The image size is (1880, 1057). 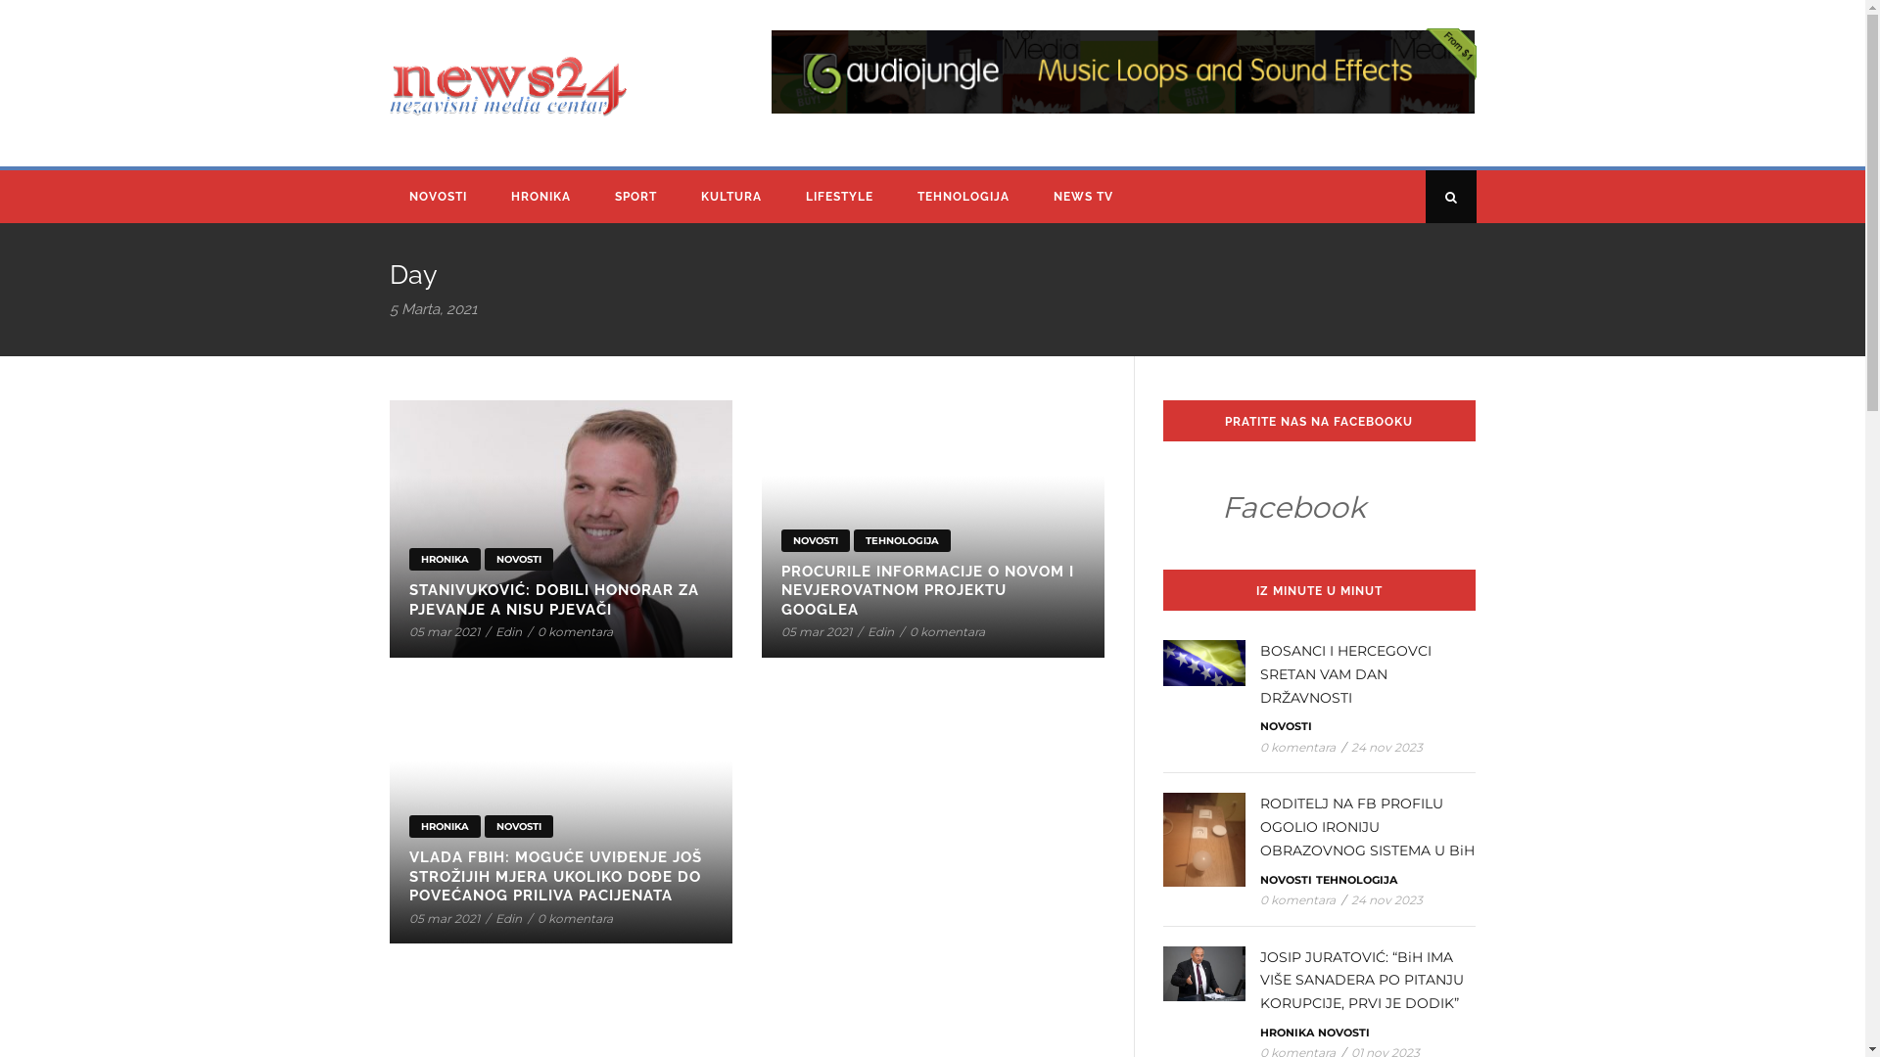 I want to click on 'Facebook', so click(x=1221, y=506).